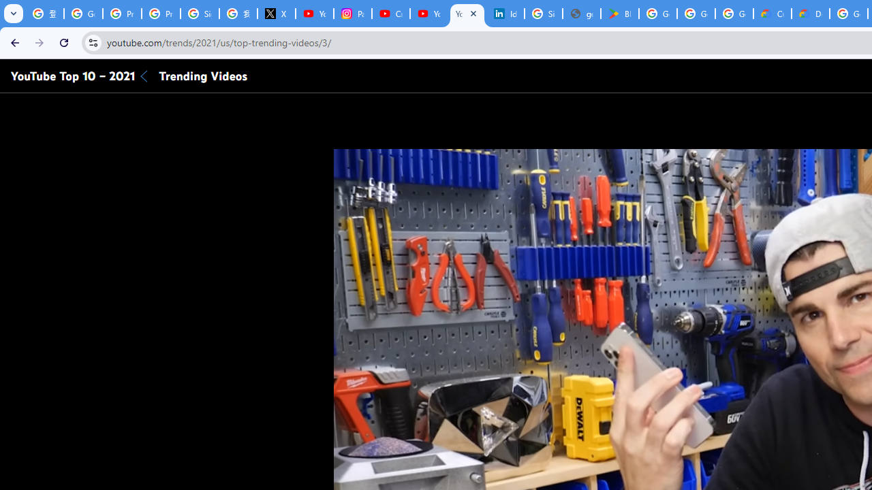 The image size is (872, 490). What do you see at coordinates (122, 14) in the screenshot?
I see `'Privacy Help Center - Policies Help'` at bounding box center [122, 14].